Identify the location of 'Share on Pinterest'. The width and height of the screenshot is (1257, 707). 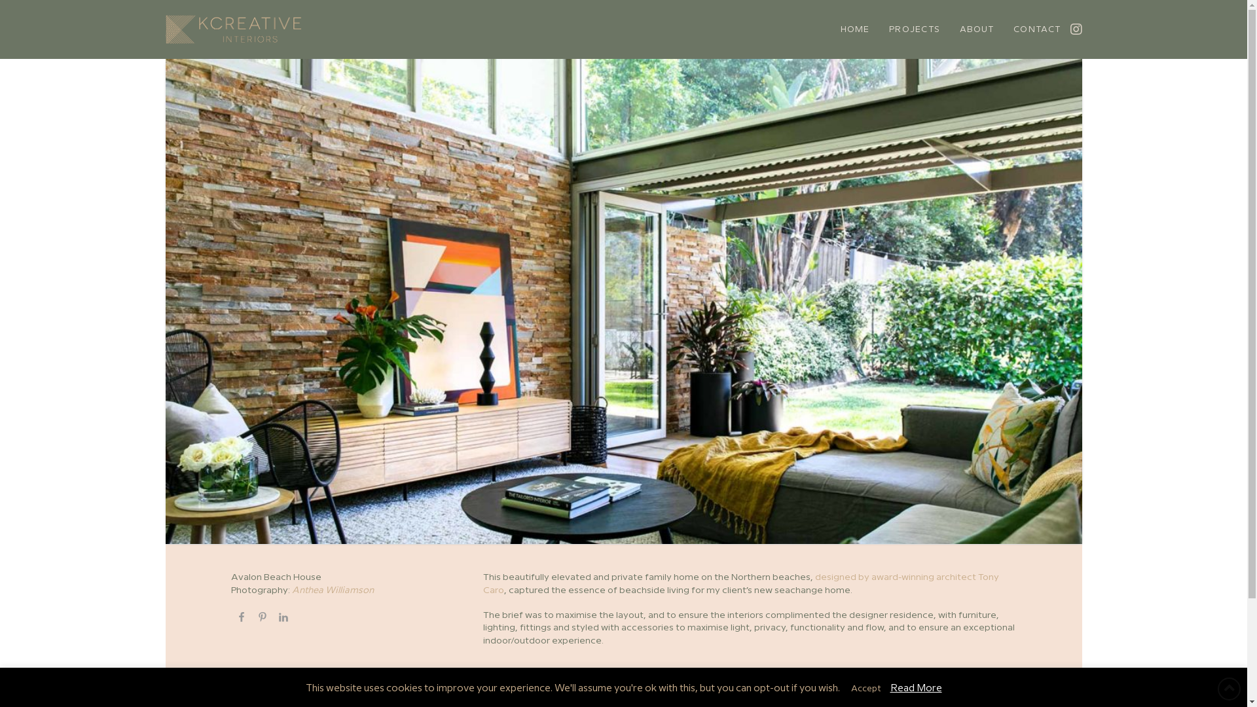
(261, 619).